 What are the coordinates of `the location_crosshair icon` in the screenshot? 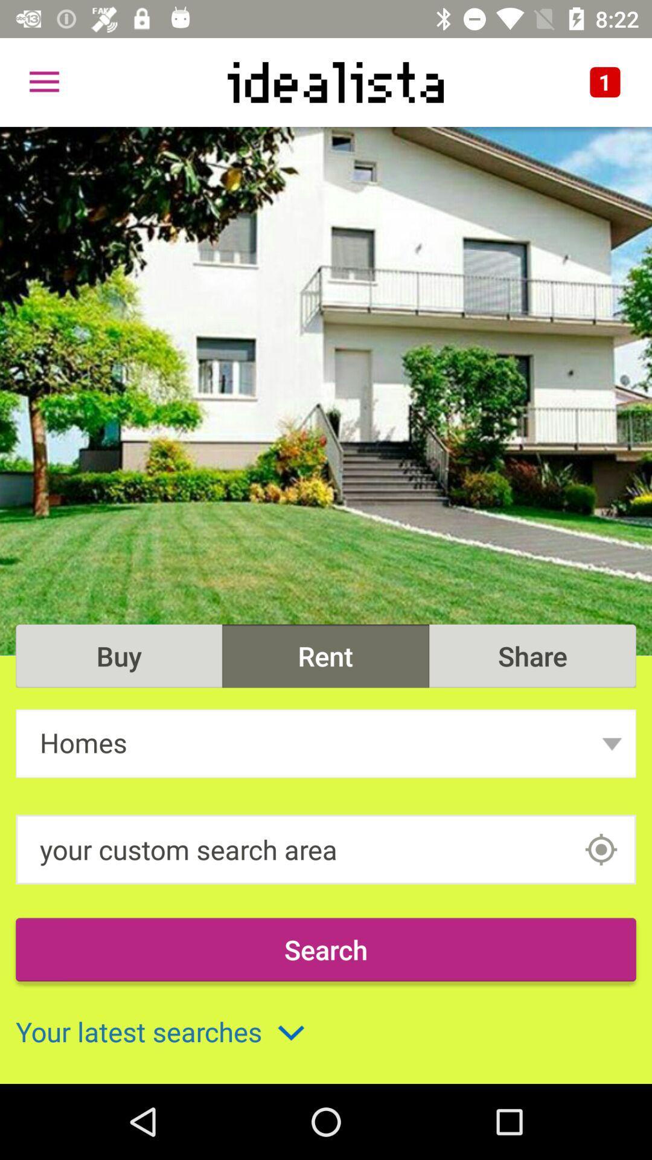 It's located at (601, 849).